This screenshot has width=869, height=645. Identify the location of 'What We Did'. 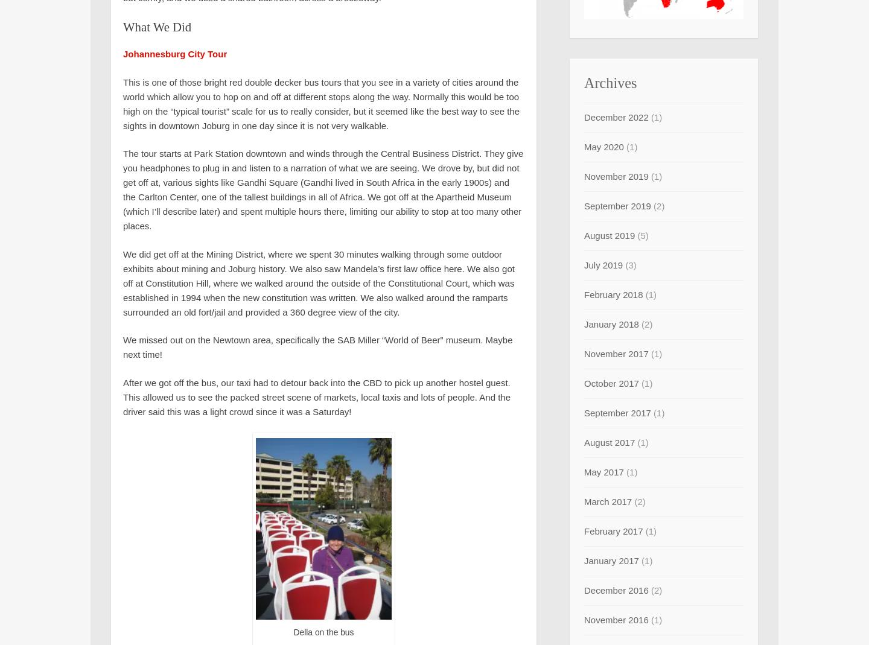
(156, 27).